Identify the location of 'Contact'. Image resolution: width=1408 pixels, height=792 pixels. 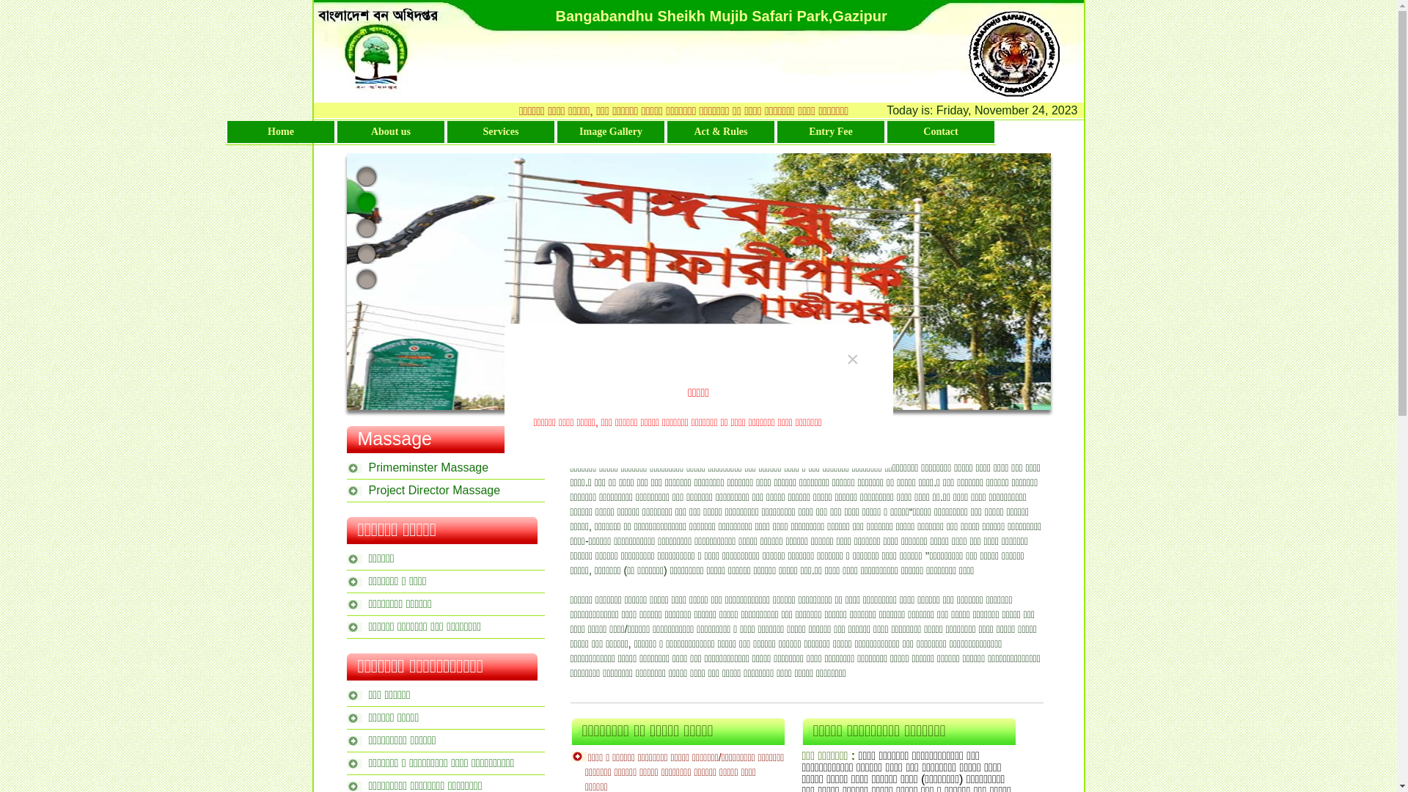
(940, 132).